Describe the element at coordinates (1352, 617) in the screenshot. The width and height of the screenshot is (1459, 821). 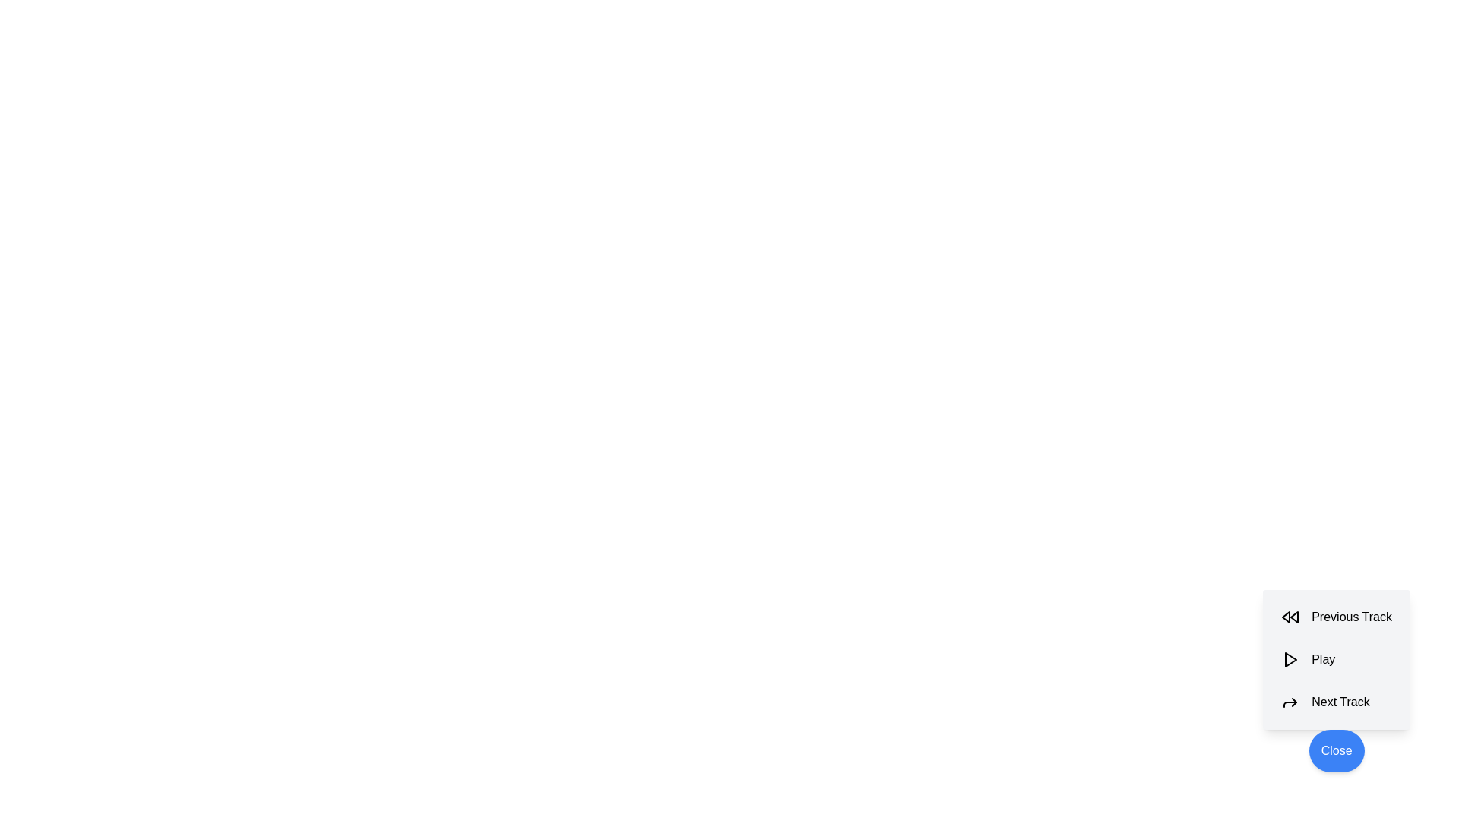
I see `the 'Previous Track' text label, which is styled with a simple, readable font and positioned adjacent to a rewind icon within a vertically aligned menu of playback controls` at that location.